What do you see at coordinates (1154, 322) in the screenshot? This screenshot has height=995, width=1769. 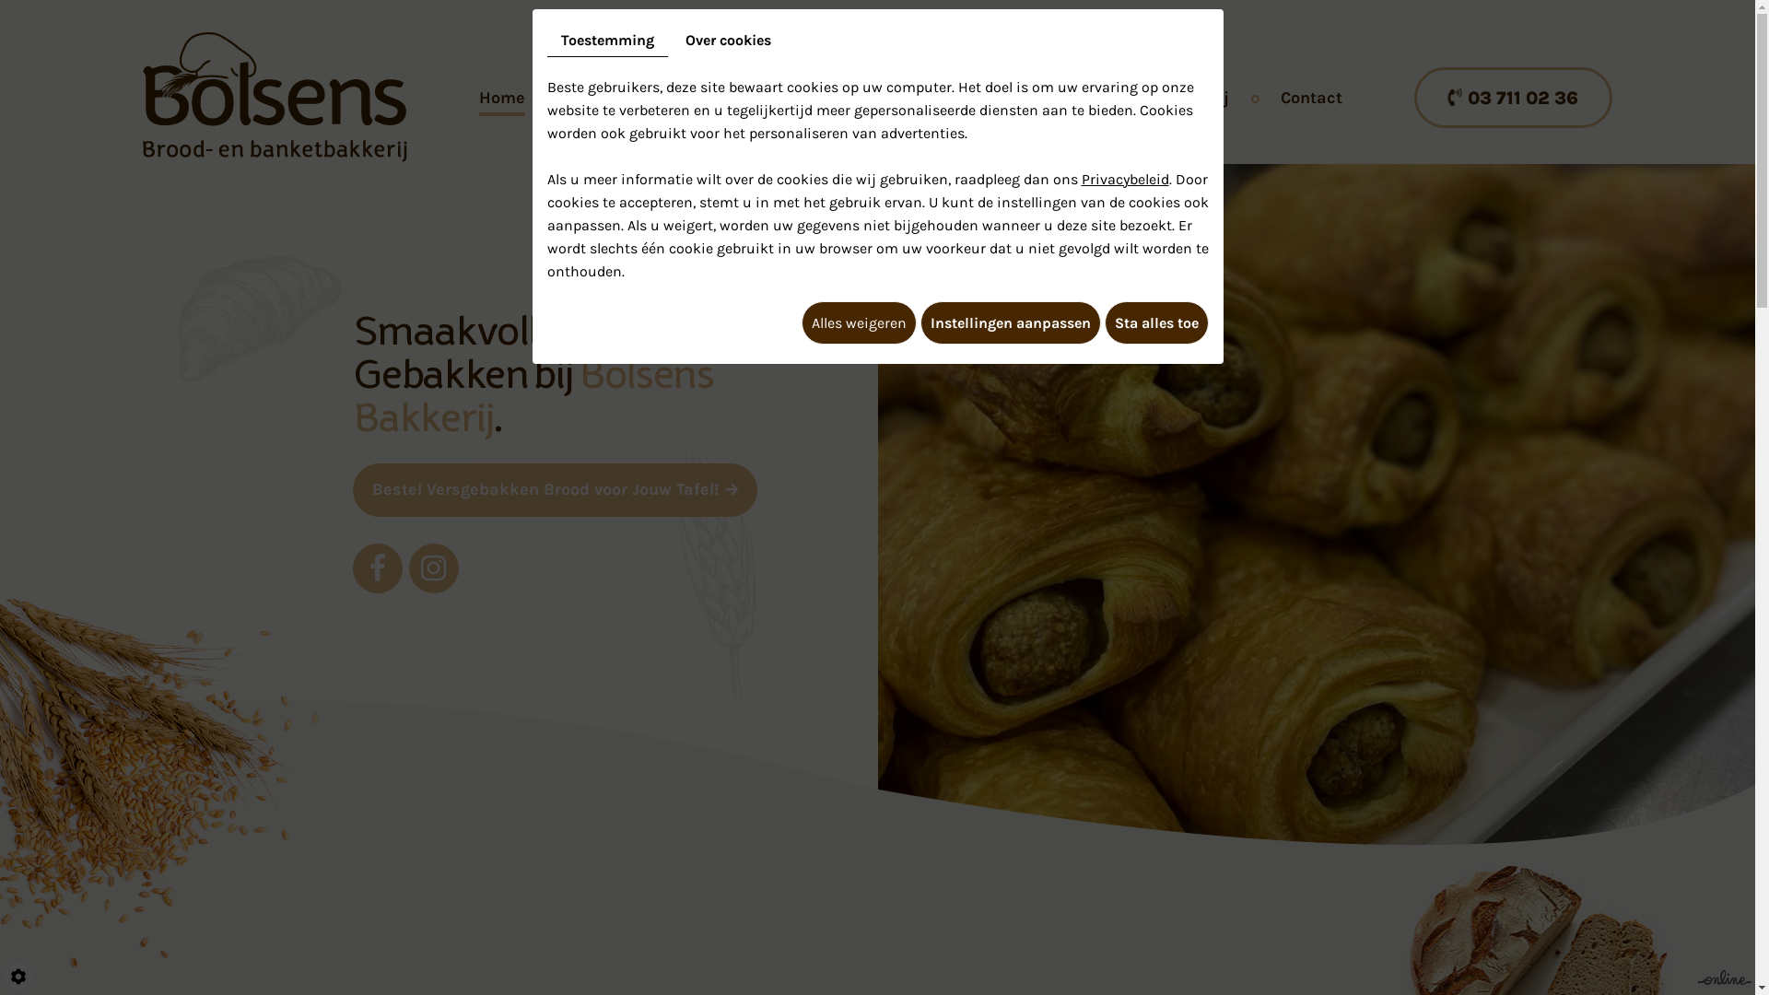 I see `'Sta alles toe'` at bounding box center [1154, 322].